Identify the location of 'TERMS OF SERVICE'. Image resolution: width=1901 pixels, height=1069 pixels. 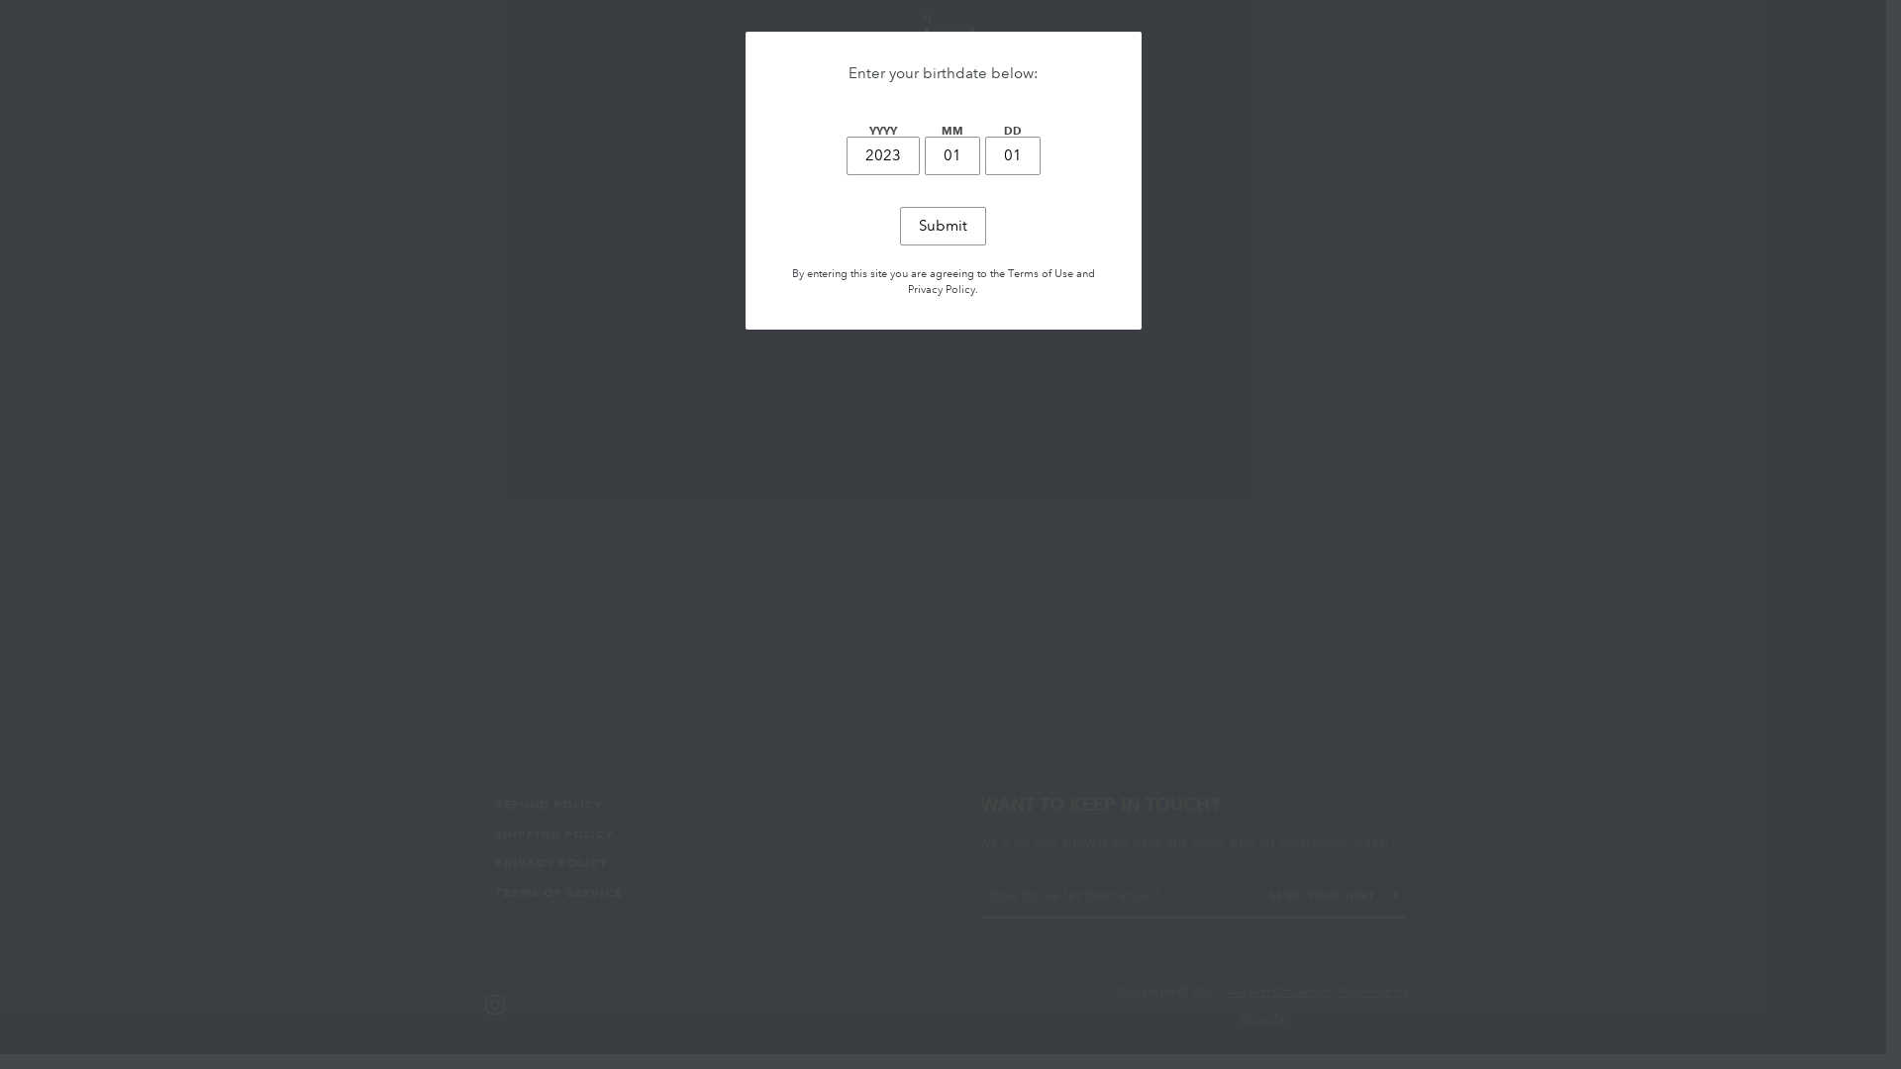
(557, 892).